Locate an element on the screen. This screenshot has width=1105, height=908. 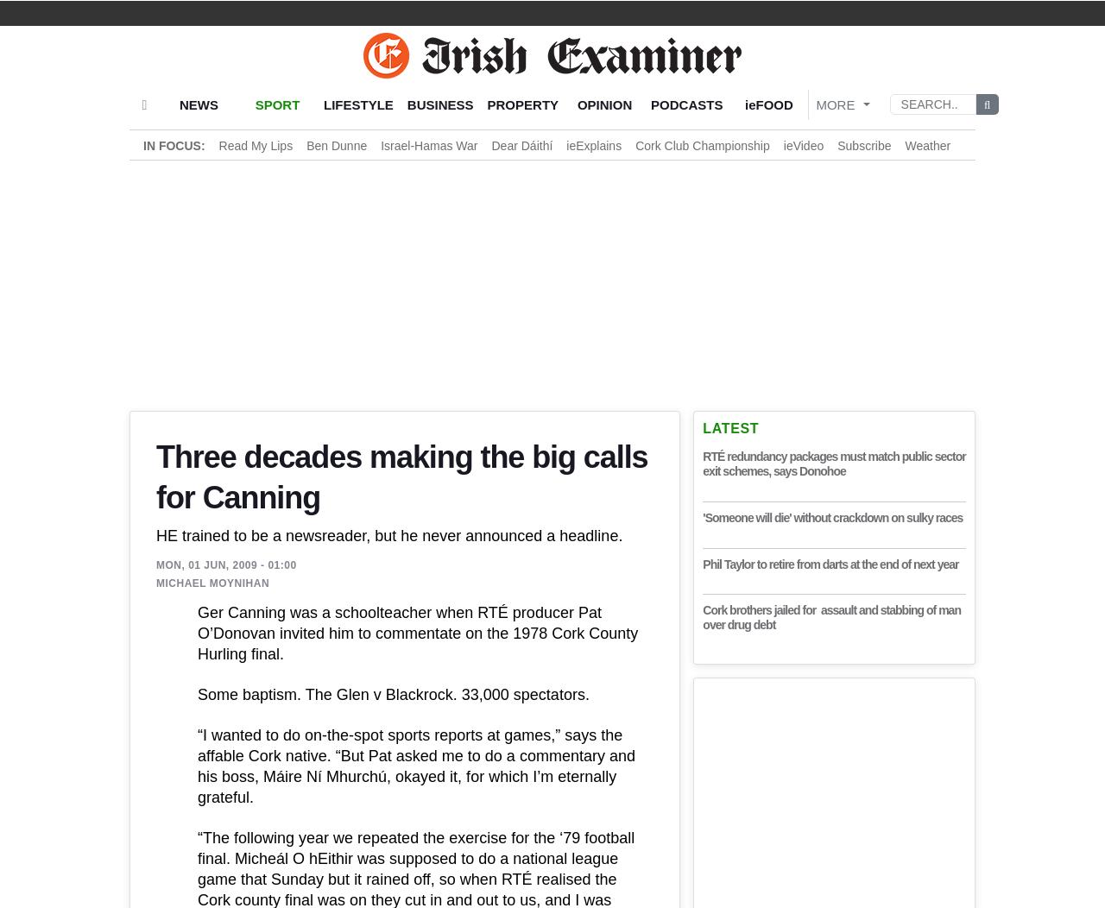
'READ NOW' is located at coordinates (975, 823).